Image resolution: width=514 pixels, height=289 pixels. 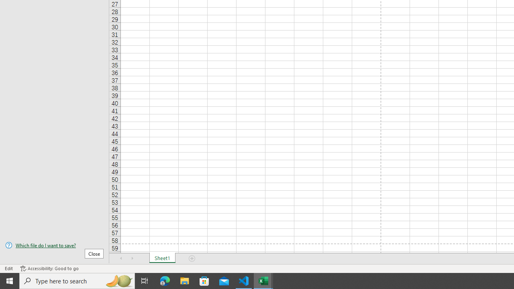 What do you see at coordinates (121, 258) in the screenshot?
I see `'Scroll Left'` at bounding box center [121, 258].